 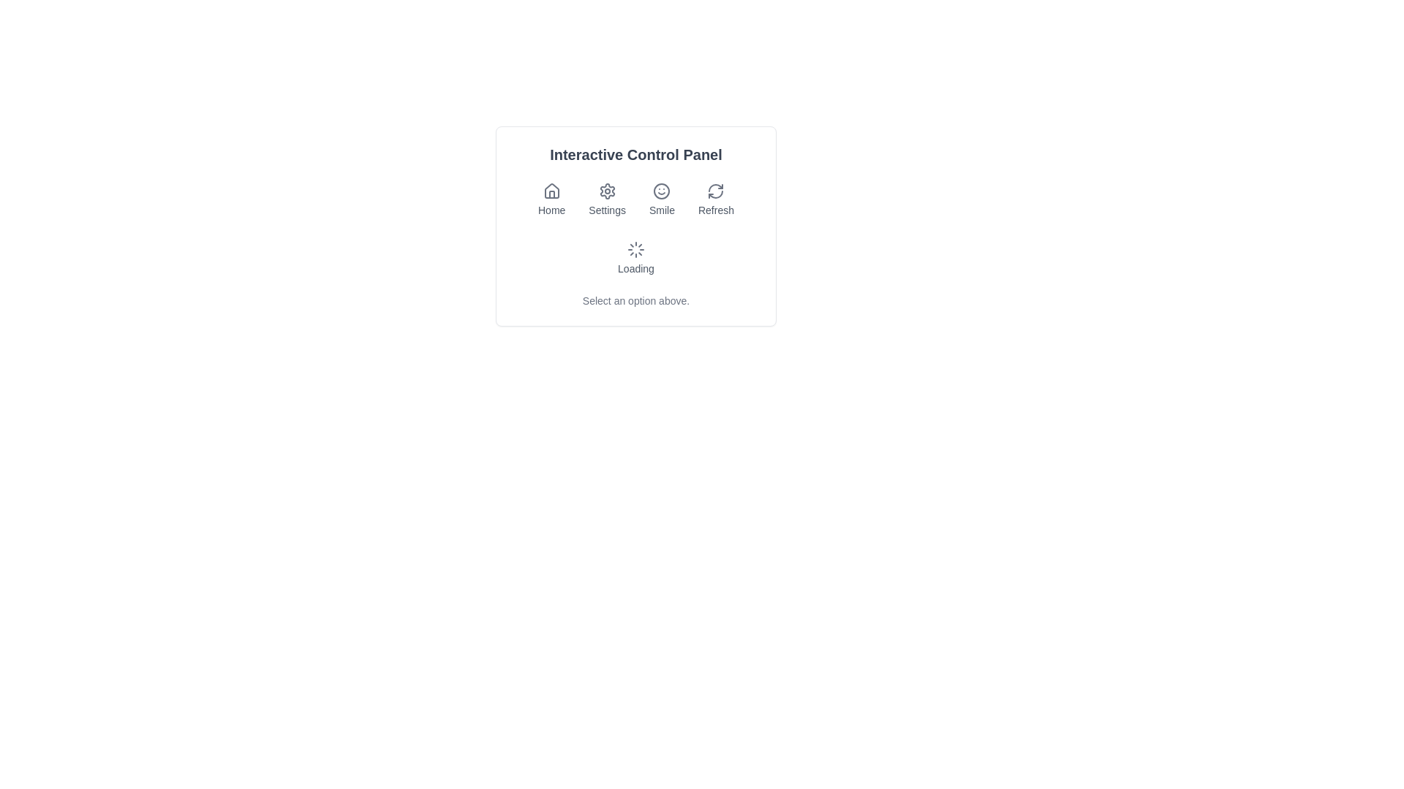 I want to click on the smiley face icon, which is the third icon in the row under the 'Interactive Control Panel', positioned between the 'Settings' and 'Refresh' icons, so click(x=661, y=191).